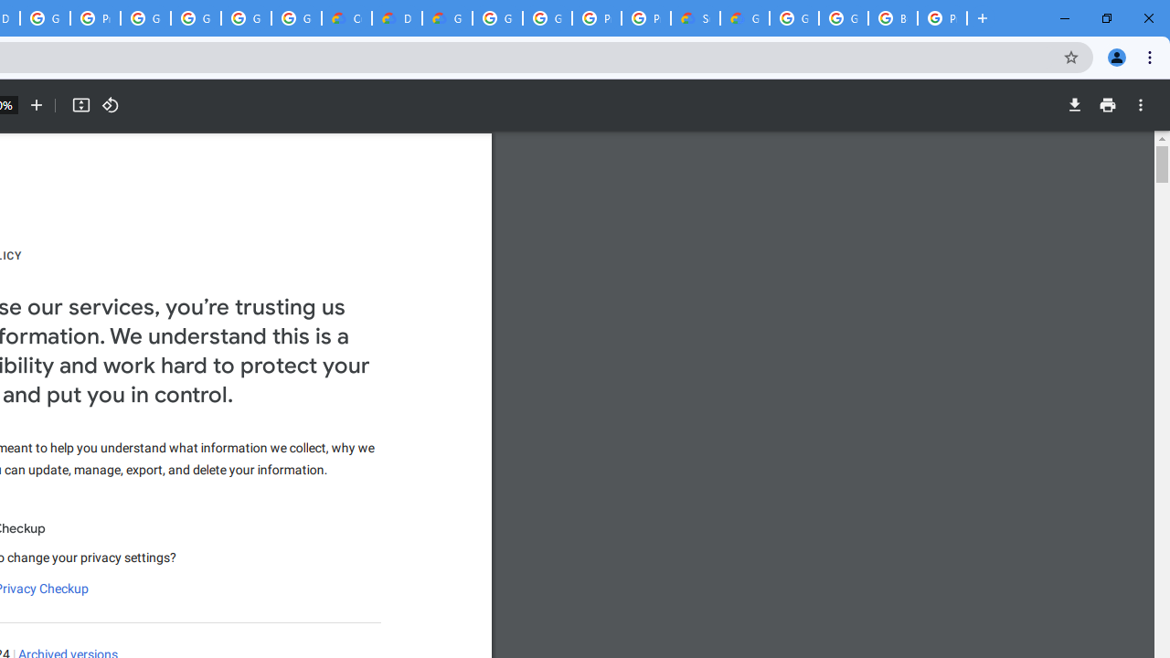 Image resolution: width=1170 pixels, height=658 pixels. I want to click on 'Customer Care | Google Cloud', so click(346, 18).